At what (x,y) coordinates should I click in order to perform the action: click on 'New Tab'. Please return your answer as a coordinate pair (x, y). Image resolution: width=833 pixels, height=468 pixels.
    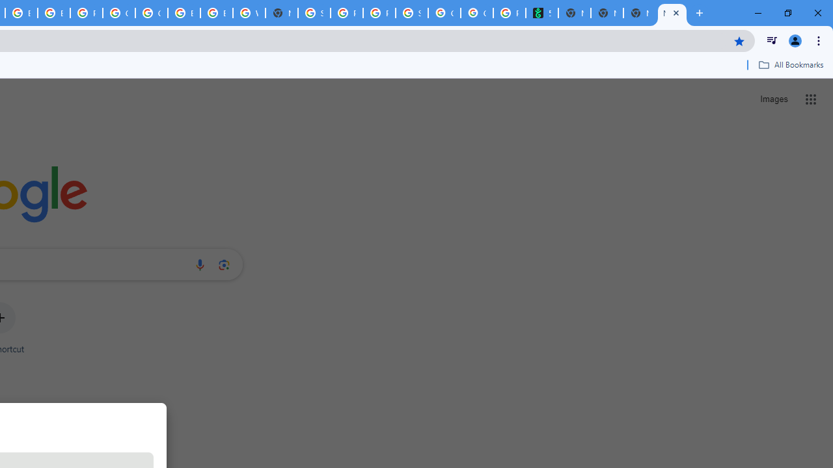
    Looking at the image, I should click on (672, 13).